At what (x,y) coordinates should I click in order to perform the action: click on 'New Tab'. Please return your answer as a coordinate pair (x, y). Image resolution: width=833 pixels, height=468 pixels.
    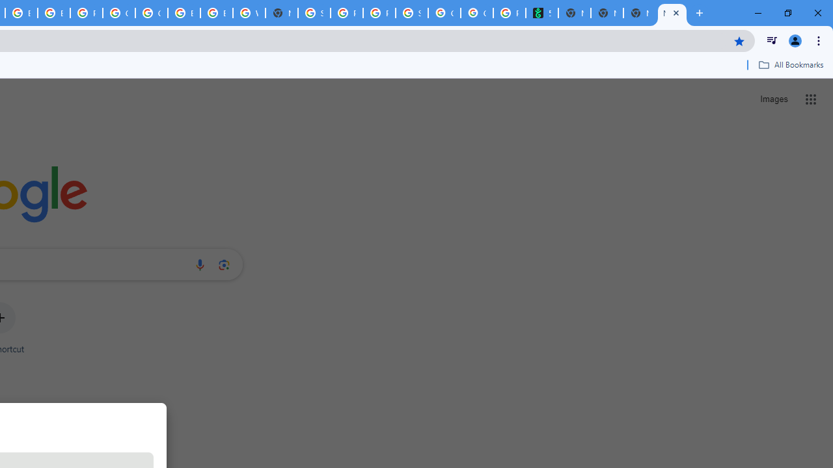
    Looking at the image, I should click on (672, 13).